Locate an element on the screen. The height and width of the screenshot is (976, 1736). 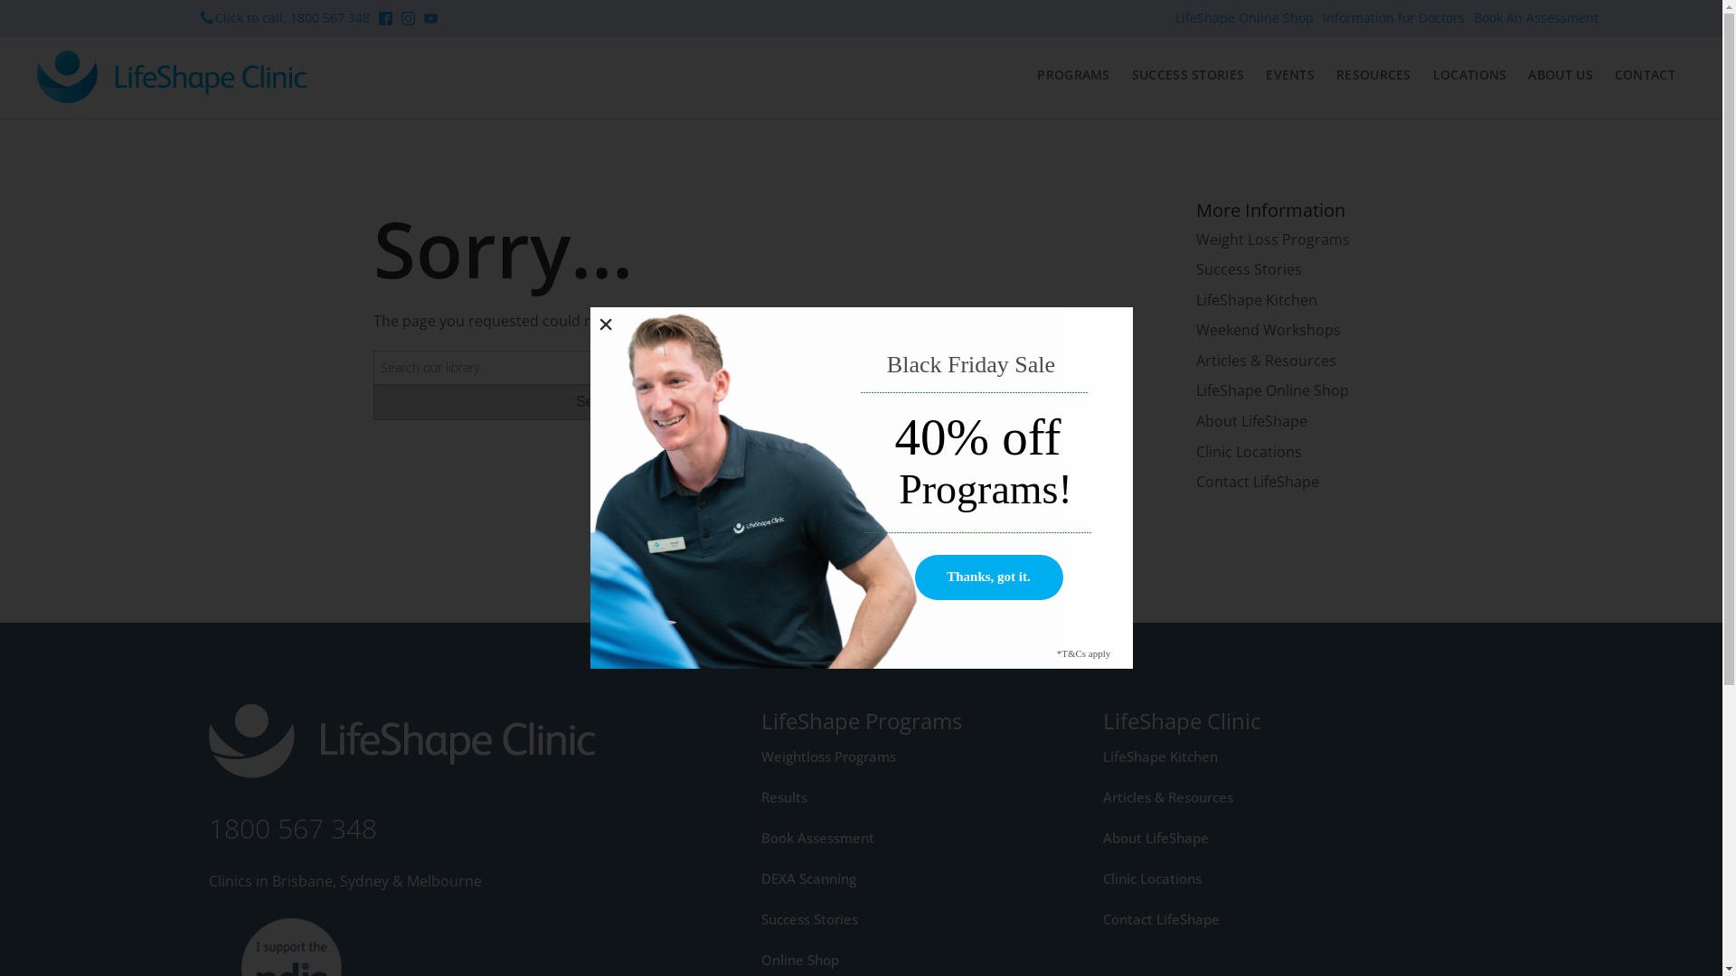
'SUCCESS STORIES' is located at coordinates (1188, 74).